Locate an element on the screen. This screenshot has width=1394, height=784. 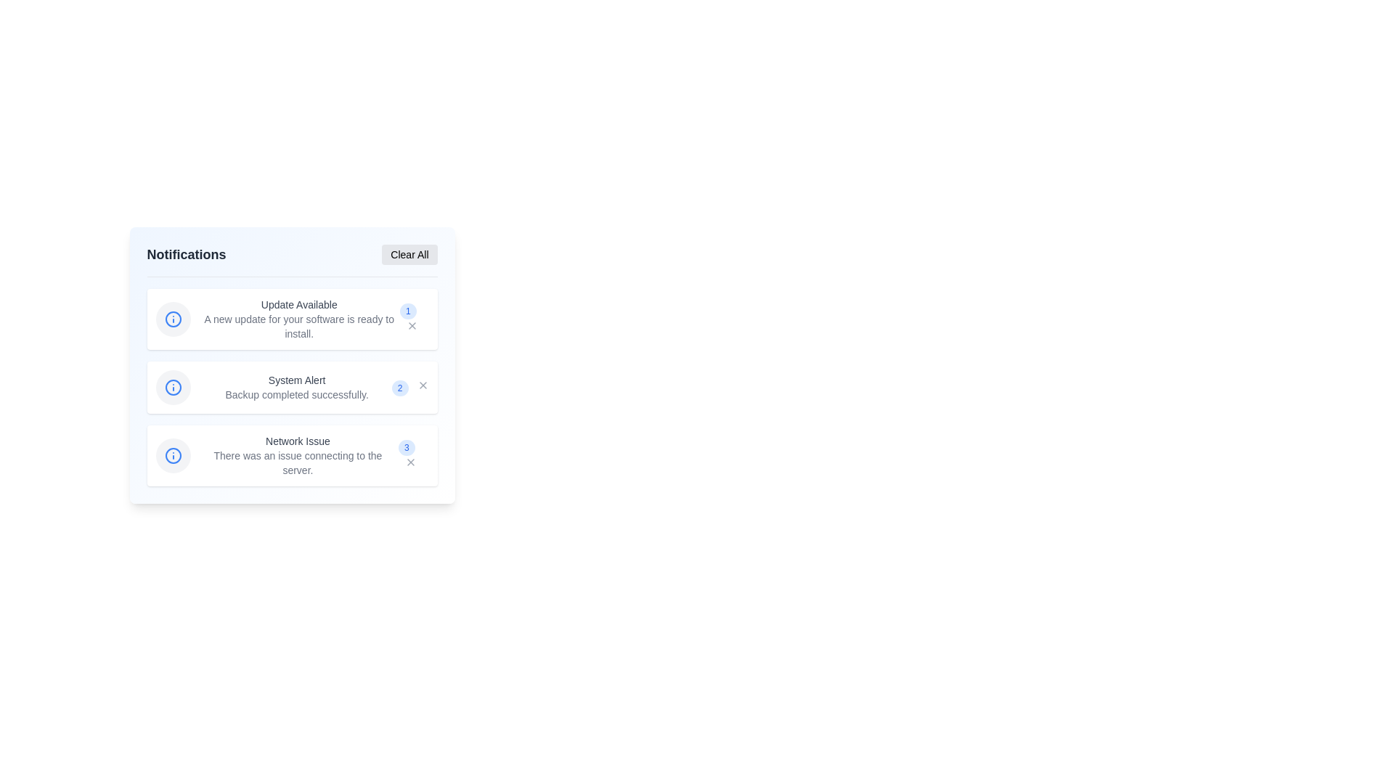
the circular gray icon with a blue informational symbol (an 'i') in the center, located in the 'System Alert' notification item, aligned with the title 'System Alert' is located at coordinates (173, 386).